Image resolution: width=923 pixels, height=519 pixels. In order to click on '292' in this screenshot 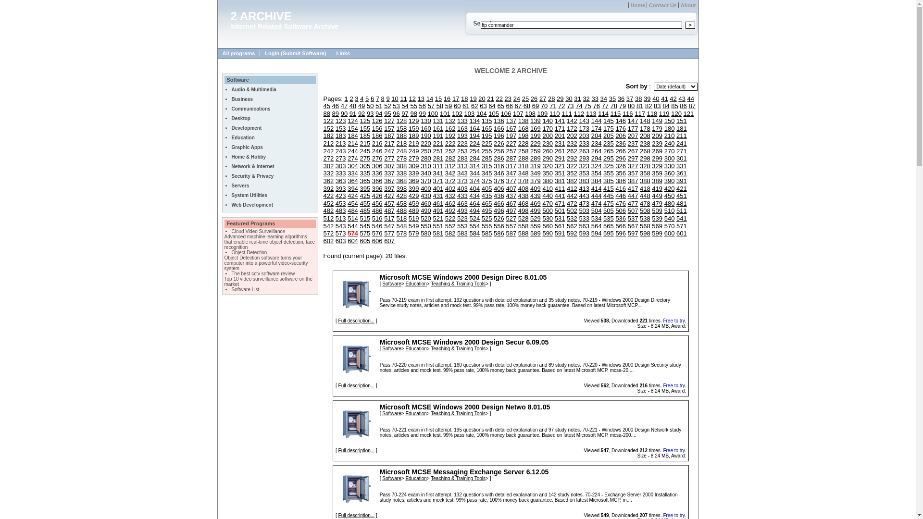, I will do `click(572, 158)`.